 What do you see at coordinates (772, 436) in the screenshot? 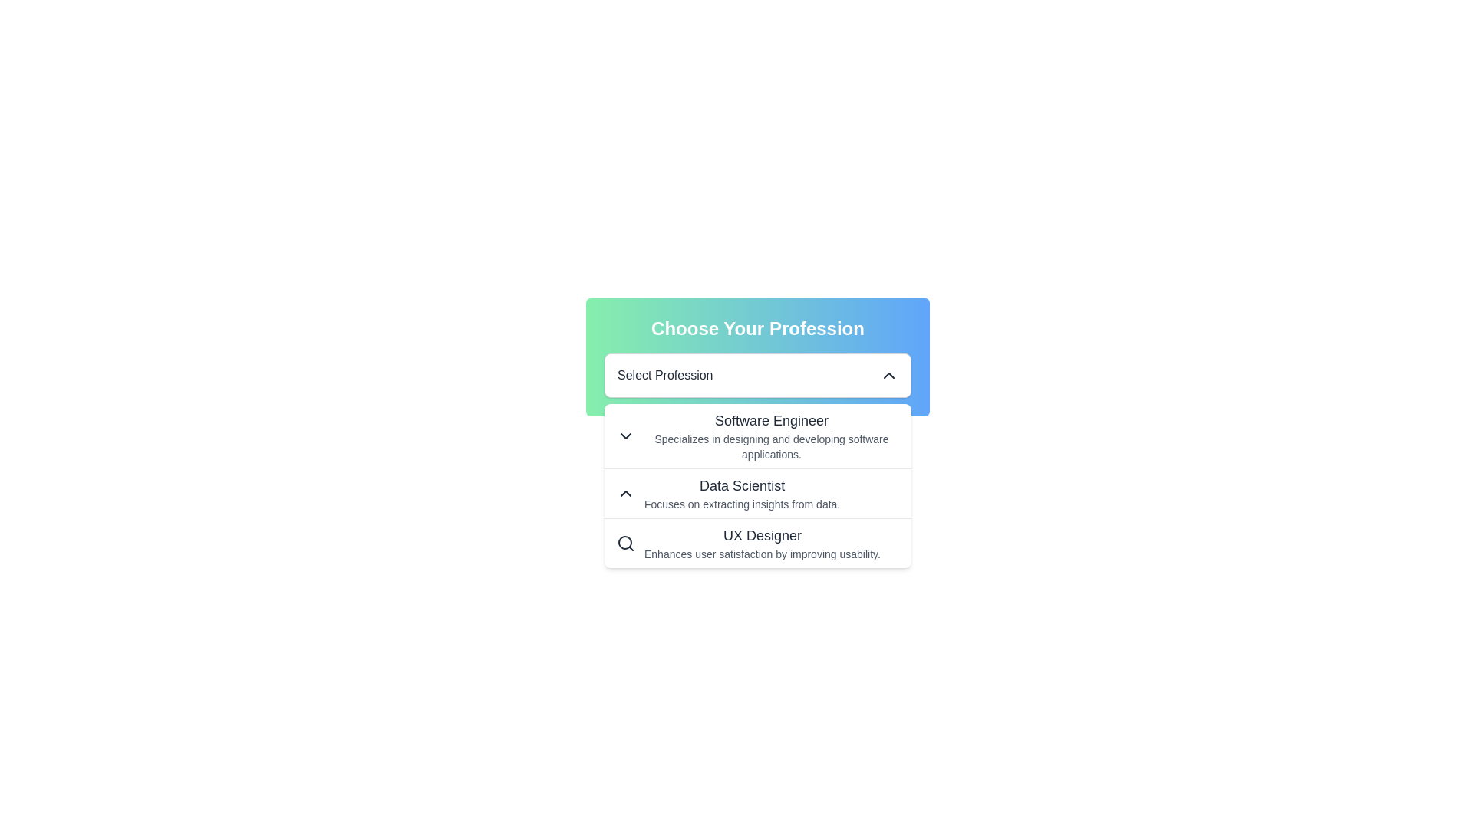
I see `the list item displaying 'Software Engineer'` at bounding box center [772, 436].